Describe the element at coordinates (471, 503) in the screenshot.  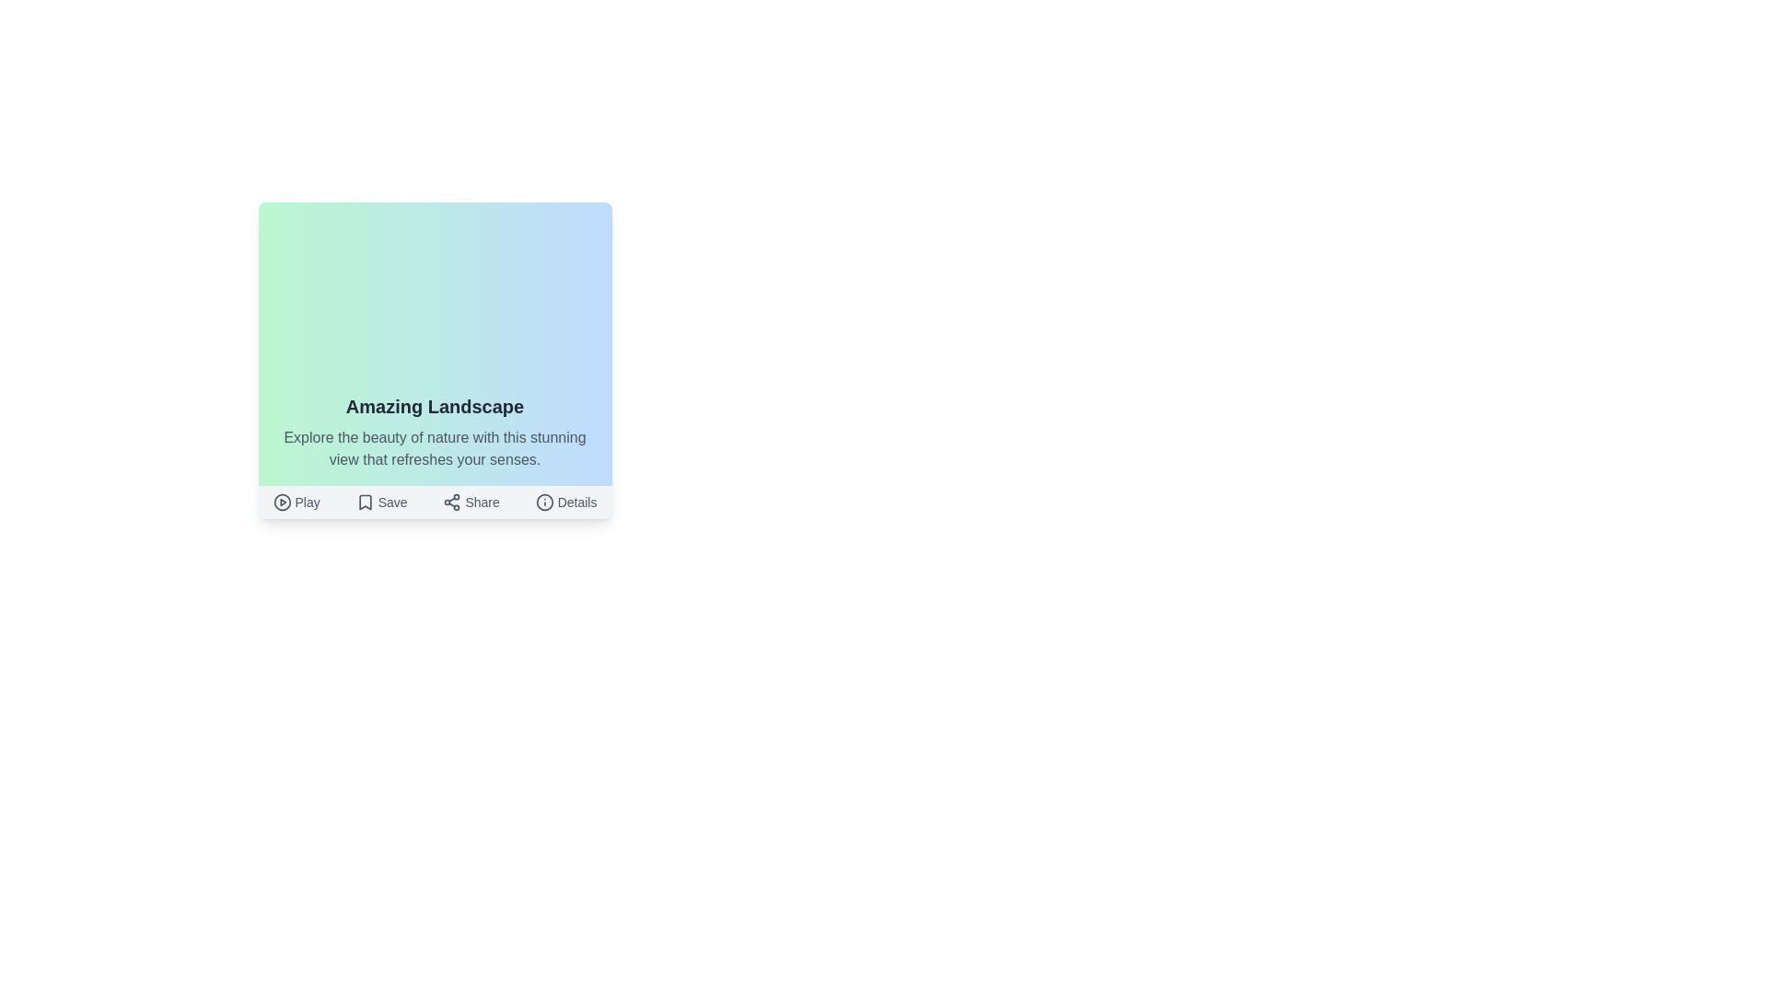
I see `the Share button, which is the third interactive option in a horizontal group at the bottom of the card interface, located between the Save and Details buttons` at that location.